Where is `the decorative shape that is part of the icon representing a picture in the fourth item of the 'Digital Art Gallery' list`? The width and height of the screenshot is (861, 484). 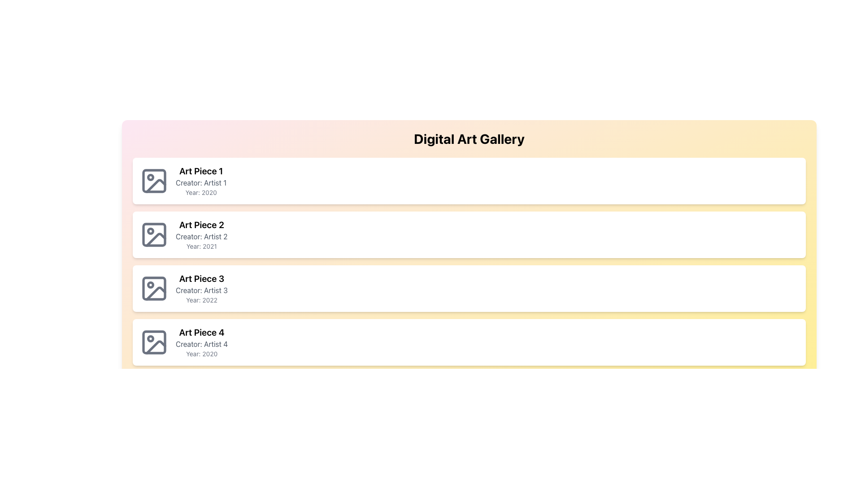 the decorative shape that is part of the icon representing a picture in the fourth item of the 'Digital Art Gallery' list is located at coordinates (154, 342).